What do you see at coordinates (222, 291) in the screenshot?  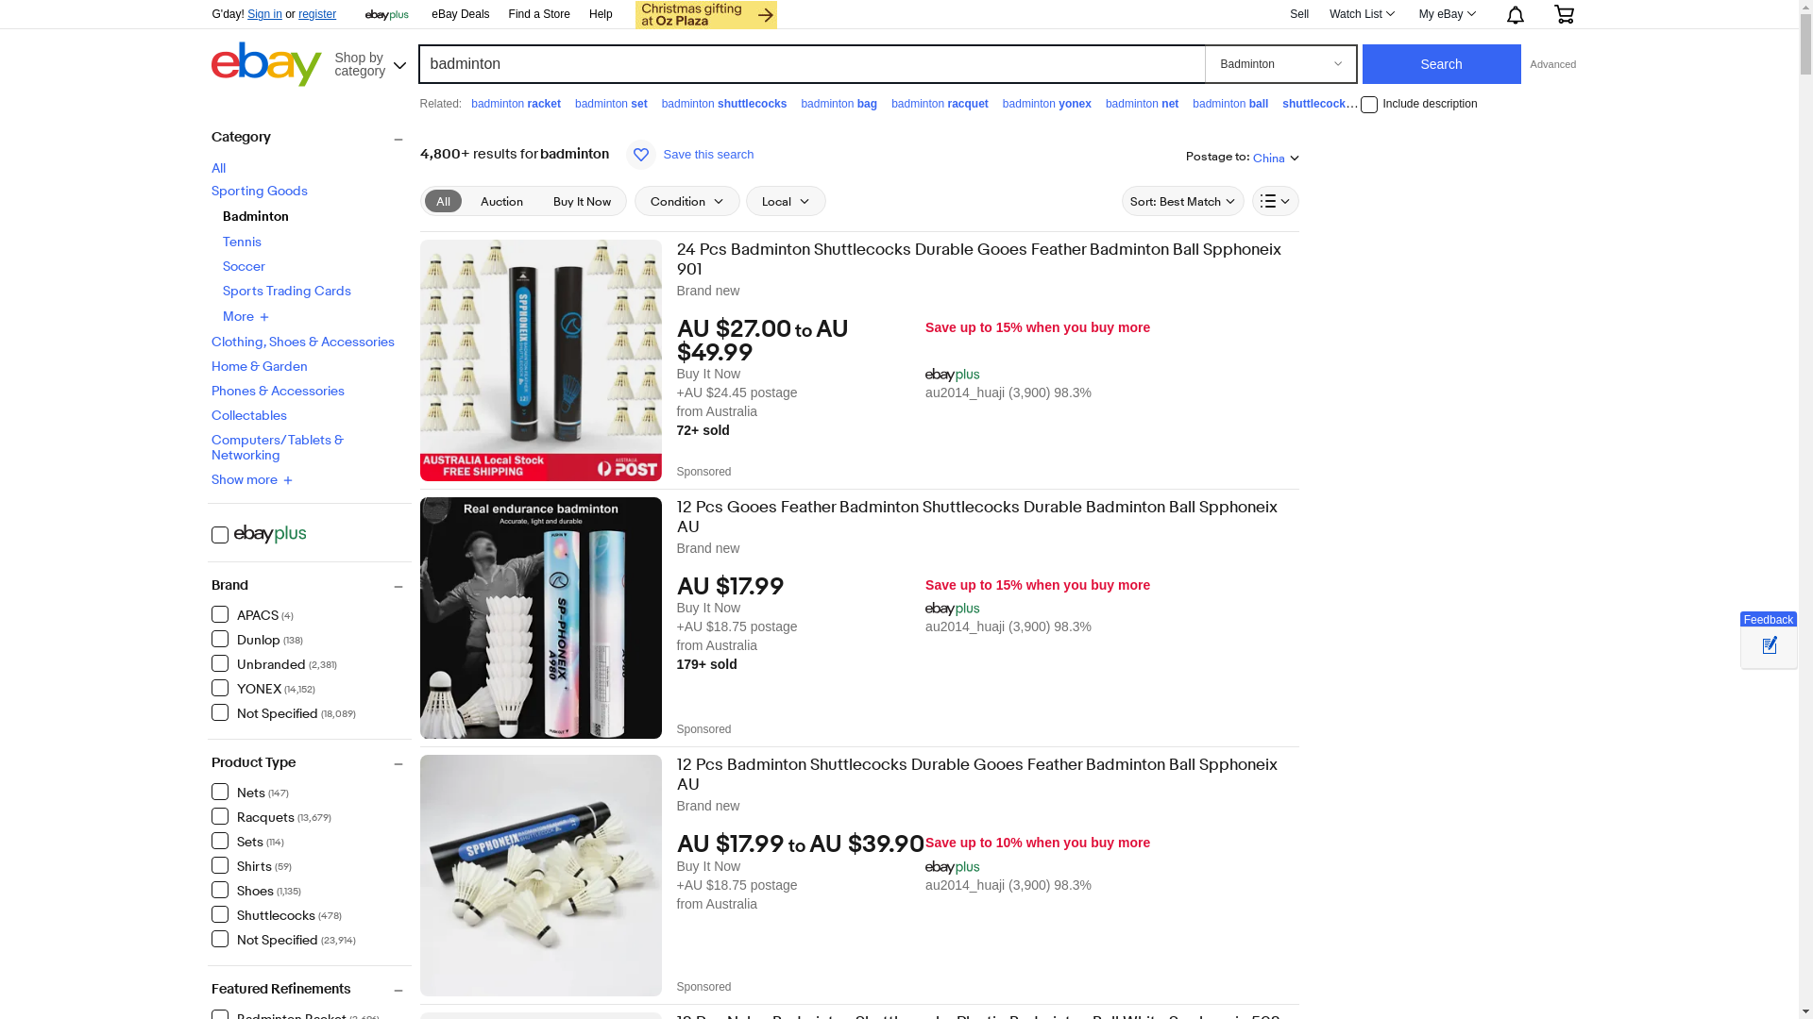 I see `'Sports Trading Cards'` at bounding box center [222, 291].